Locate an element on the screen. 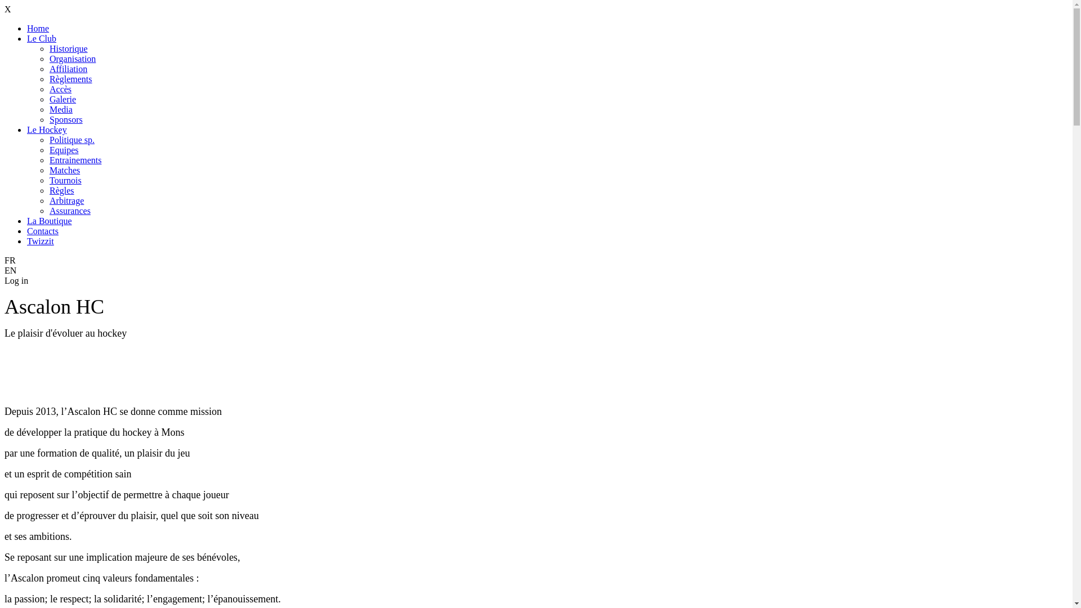 Image resolution: width=1081 pixels, height=608 pixels. 'Le Hockey' is located at coordinates (27, 129).